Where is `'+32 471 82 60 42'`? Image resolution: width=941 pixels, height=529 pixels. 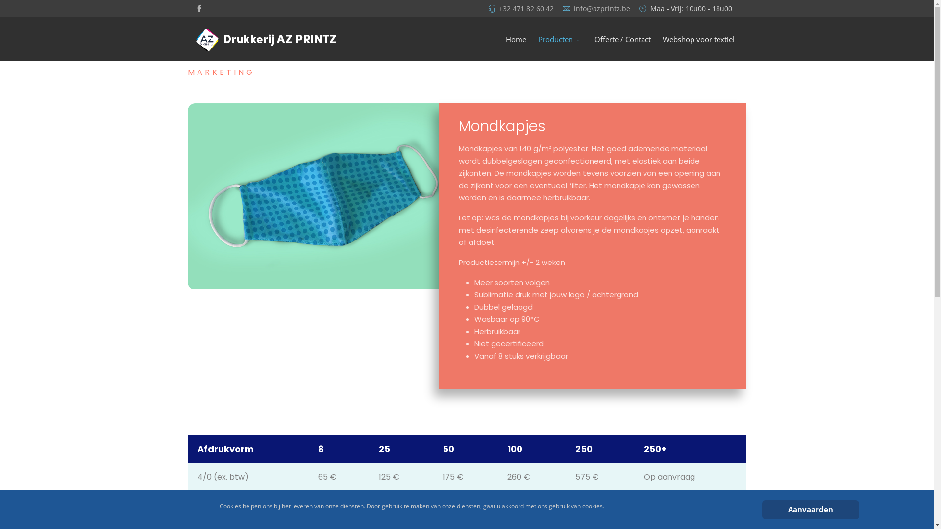
'+32 471 82 60 42' is located at coordinates (526, 9).